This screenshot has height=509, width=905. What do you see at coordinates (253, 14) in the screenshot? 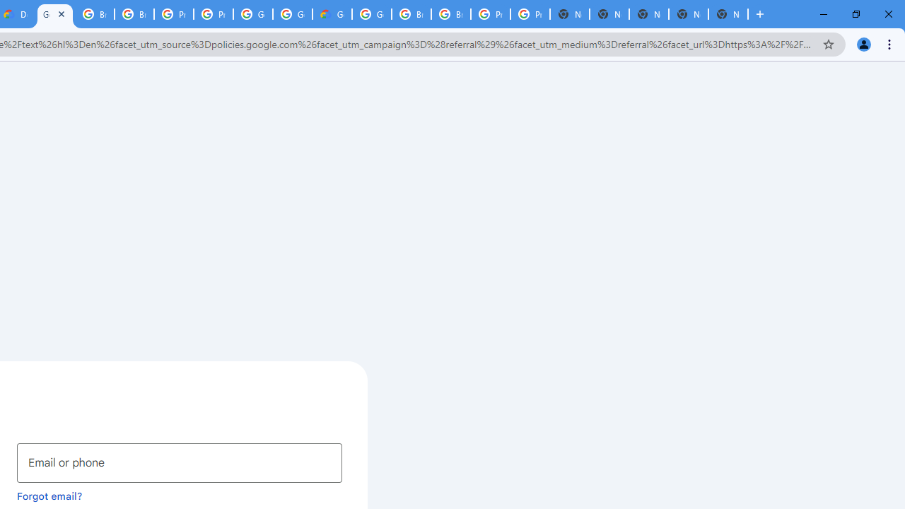
I see `'Google Cloud Platform'` at bounding box center [253, 14].